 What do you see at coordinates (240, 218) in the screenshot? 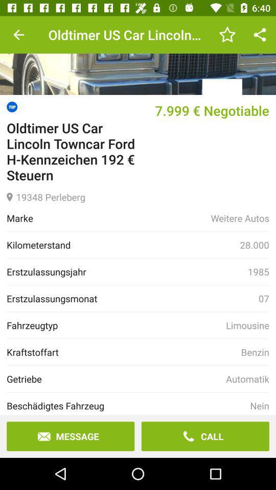
I see `the item to the right of marke icon` at bounding box center [240, 218].